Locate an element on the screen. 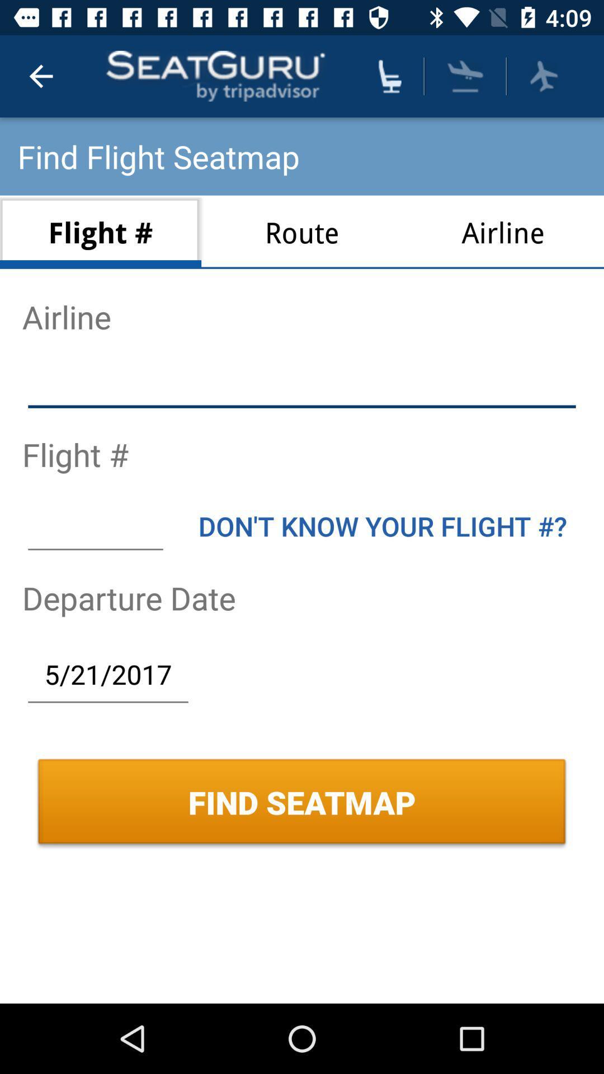 Image resolution: width=604 pixels, height=1074 pixels. item next to the don t know icon is located at coordinates (95, 525).